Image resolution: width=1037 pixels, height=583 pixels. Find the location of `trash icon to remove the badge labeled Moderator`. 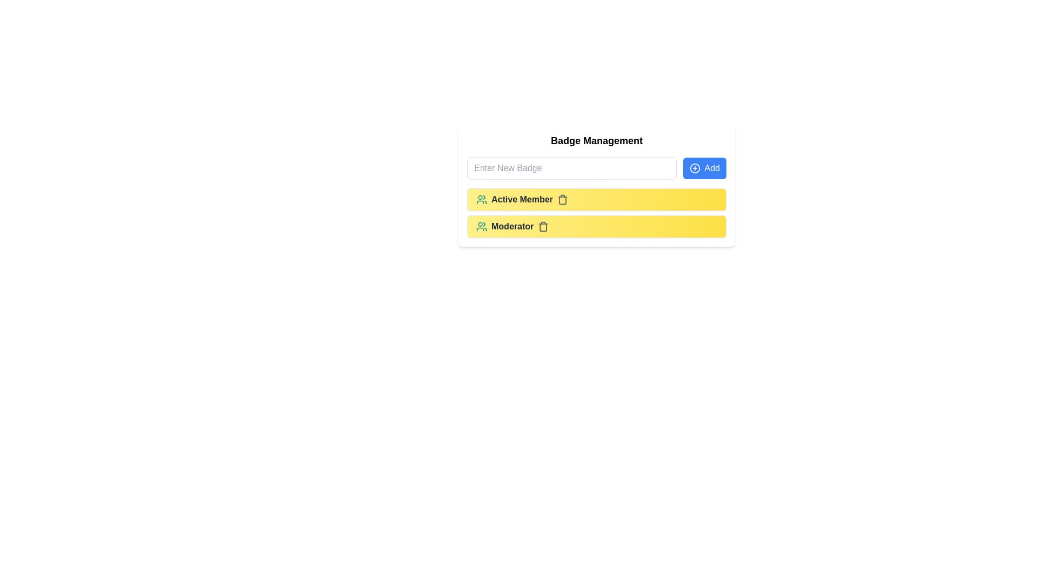

trash icon to remove the badge labeled Moderator is located at coordinates (543, 226).